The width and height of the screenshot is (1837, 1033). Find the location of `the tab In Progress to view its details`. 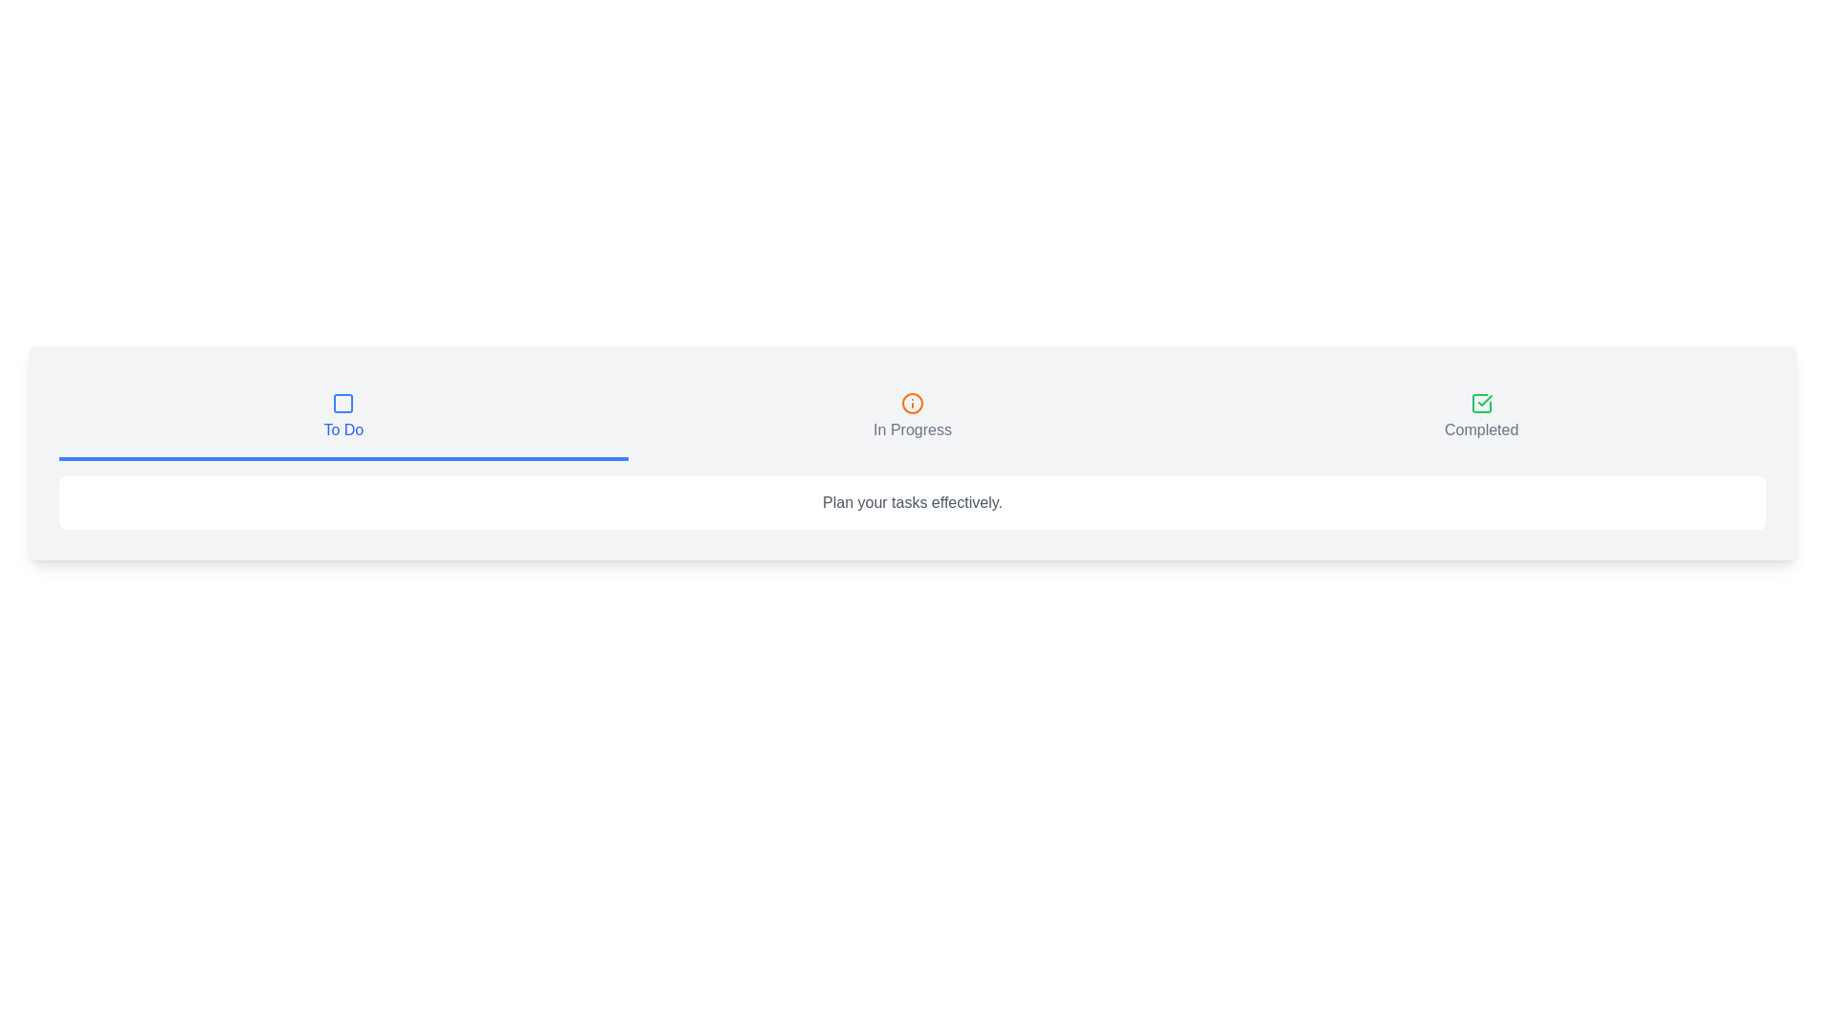

the tab In Progress to view its details is located at coordinates (912, 418).